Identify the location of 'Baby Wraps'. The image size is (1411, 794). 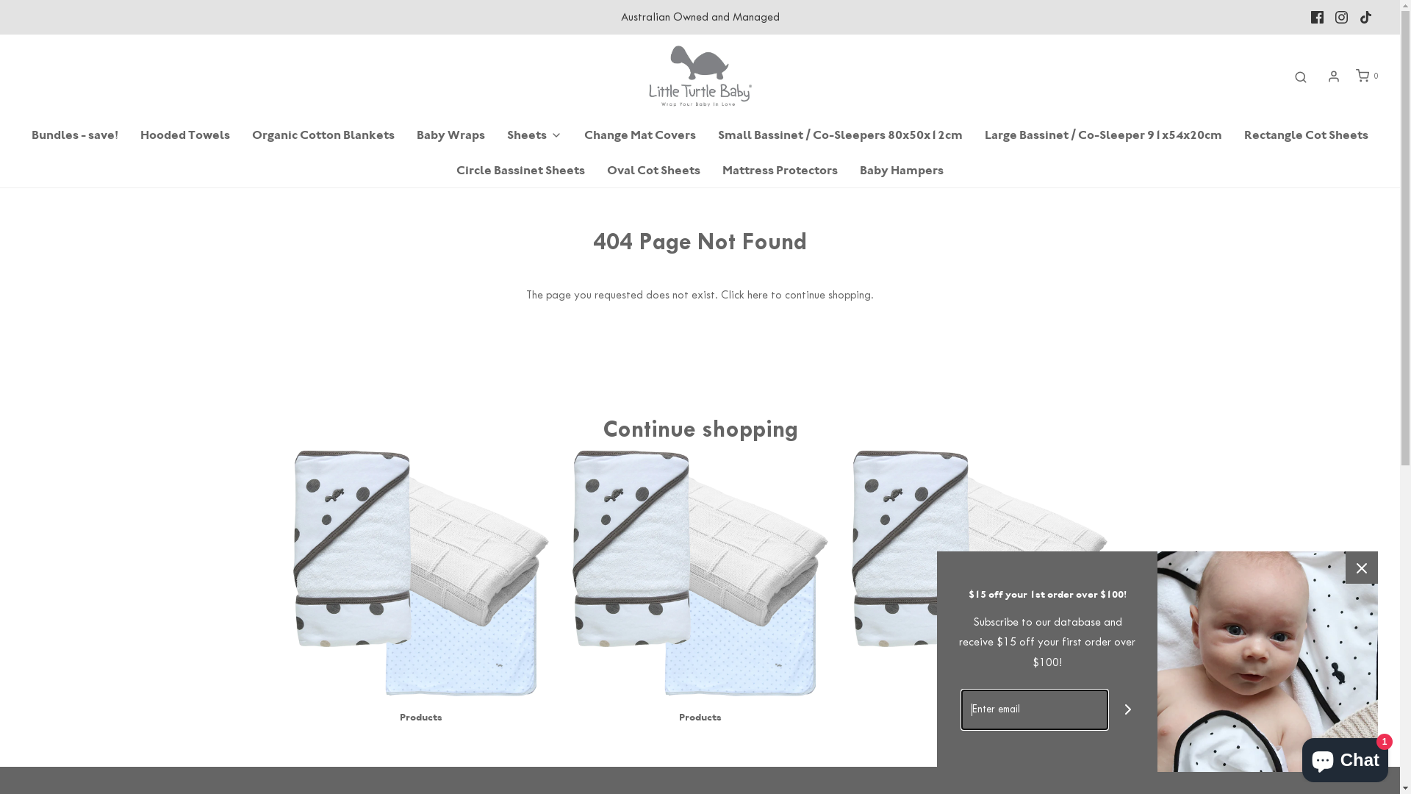
(450, 135).